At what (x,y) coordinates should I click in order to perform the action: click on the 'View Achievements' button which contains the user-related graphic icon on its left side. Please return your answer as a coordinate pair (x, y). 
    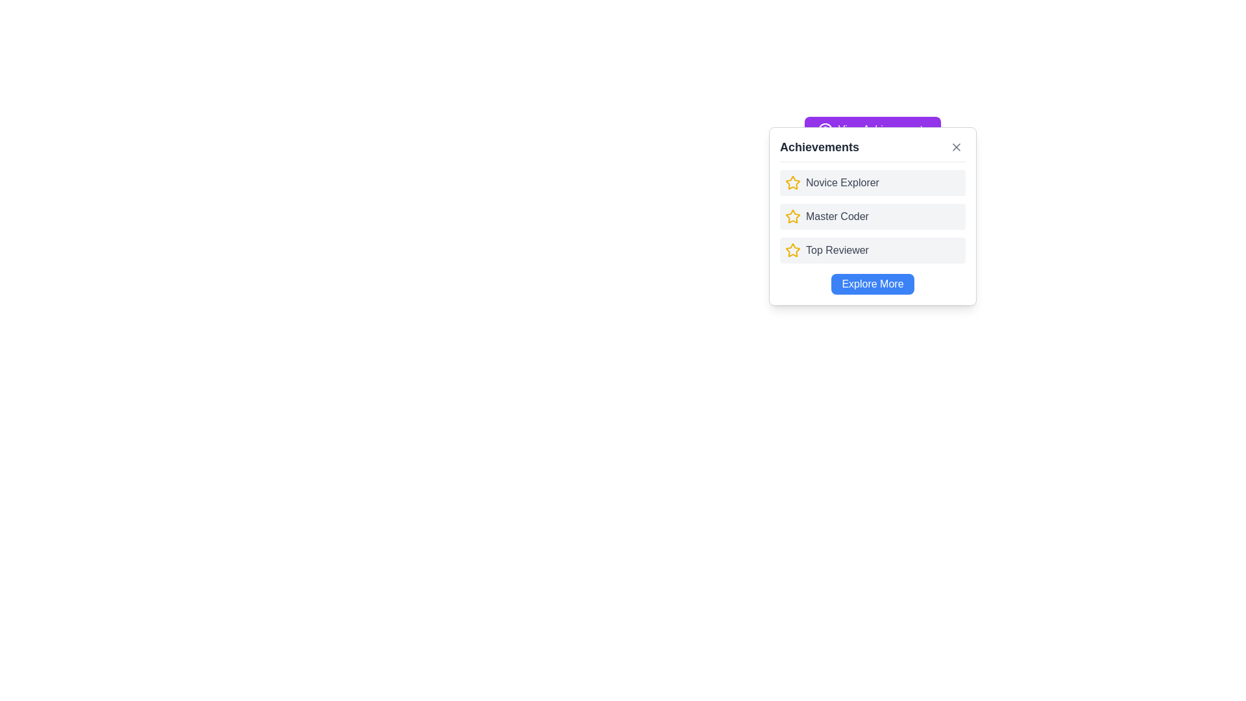
    Looking at the image, I should click on (824, 130).